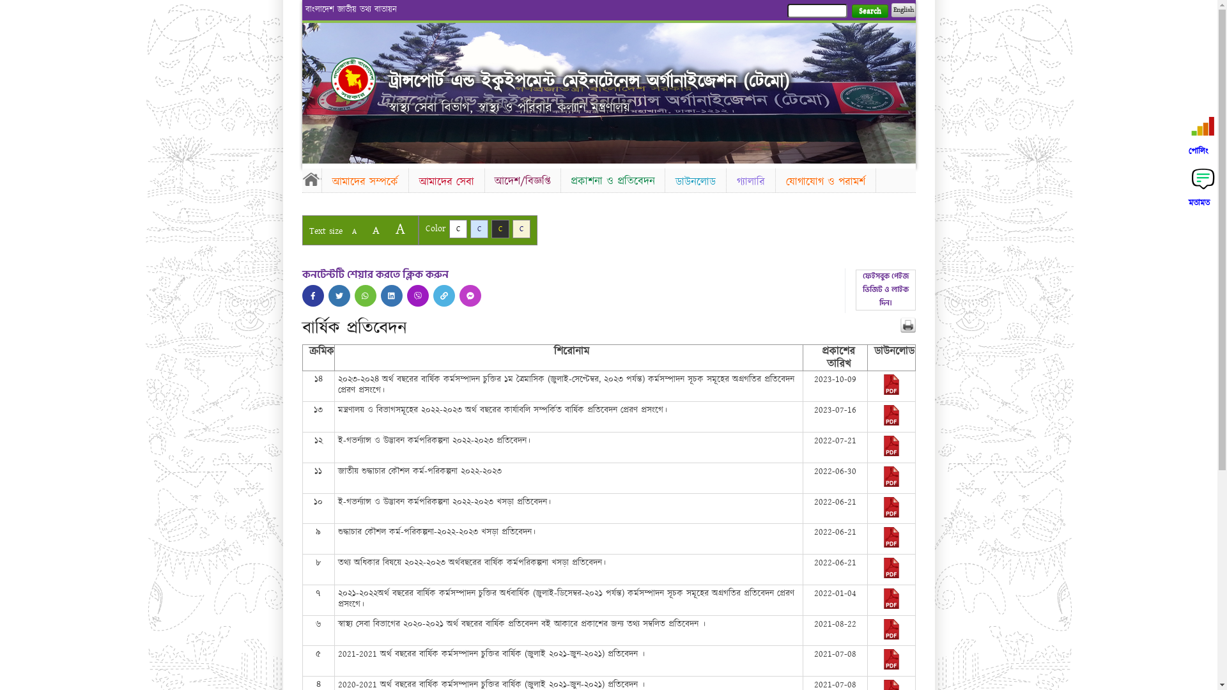  Describe the element at coordinates (891, 666) in the screenshot. I see `'2021-07-08-10-36-38761399aa0b6e137771cf81bf619502.pdf'` at that location.